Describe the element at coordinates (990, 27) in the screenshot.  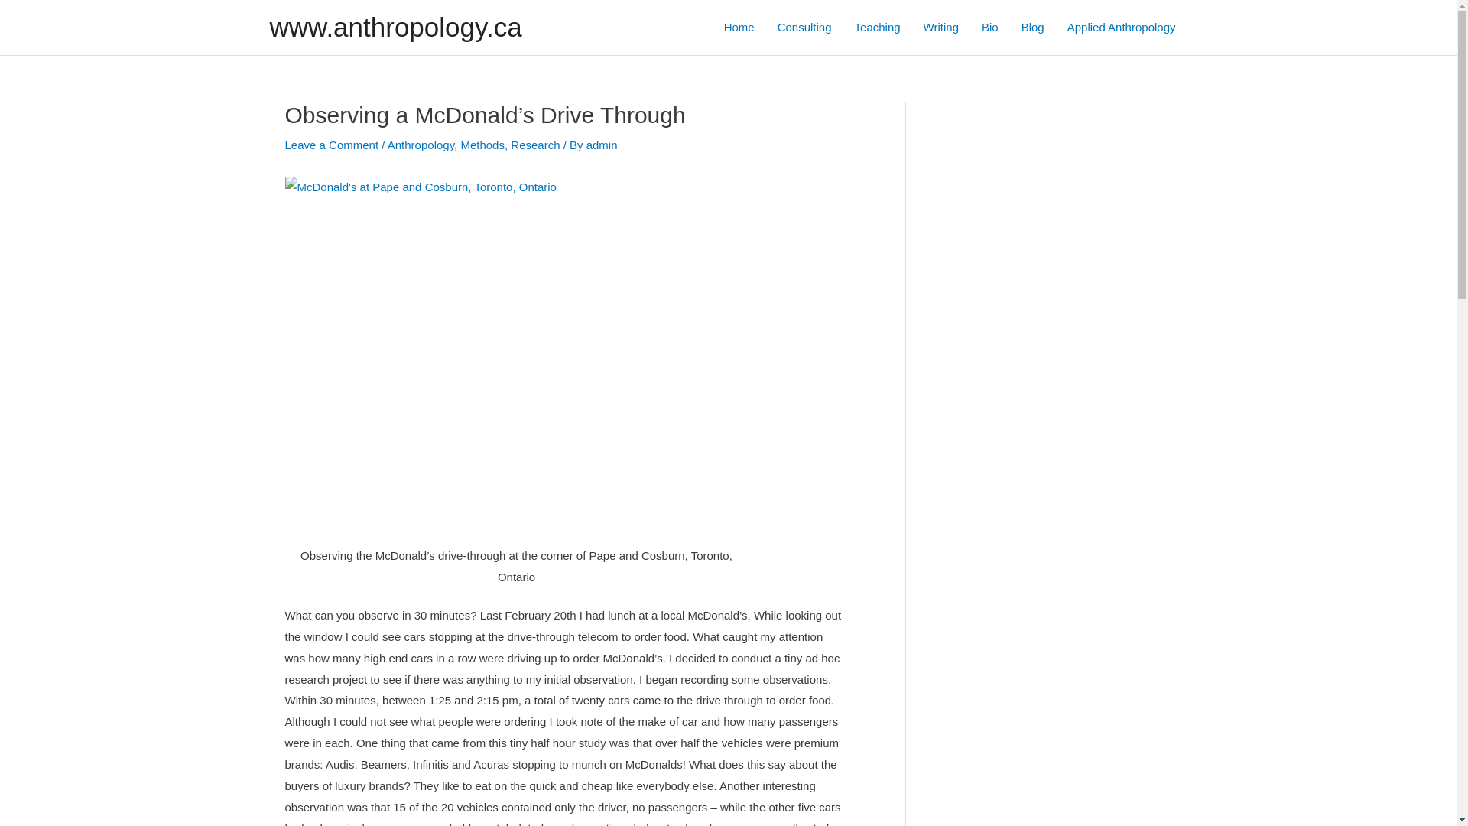
I see `'Bio'` at that location.